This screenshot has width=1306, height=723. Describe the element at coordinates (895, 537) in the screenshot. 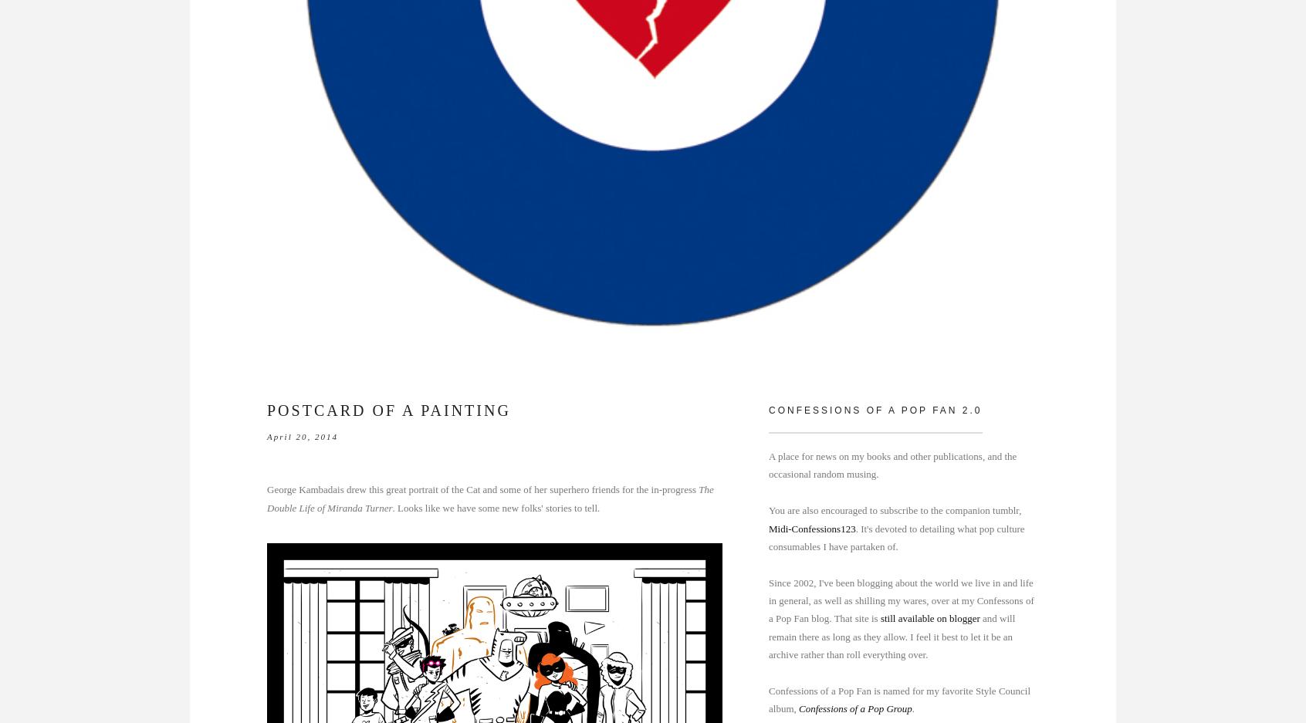

I see `'. It's devoted to detailing what pop culture consumables I have partaken of.'` at that location.